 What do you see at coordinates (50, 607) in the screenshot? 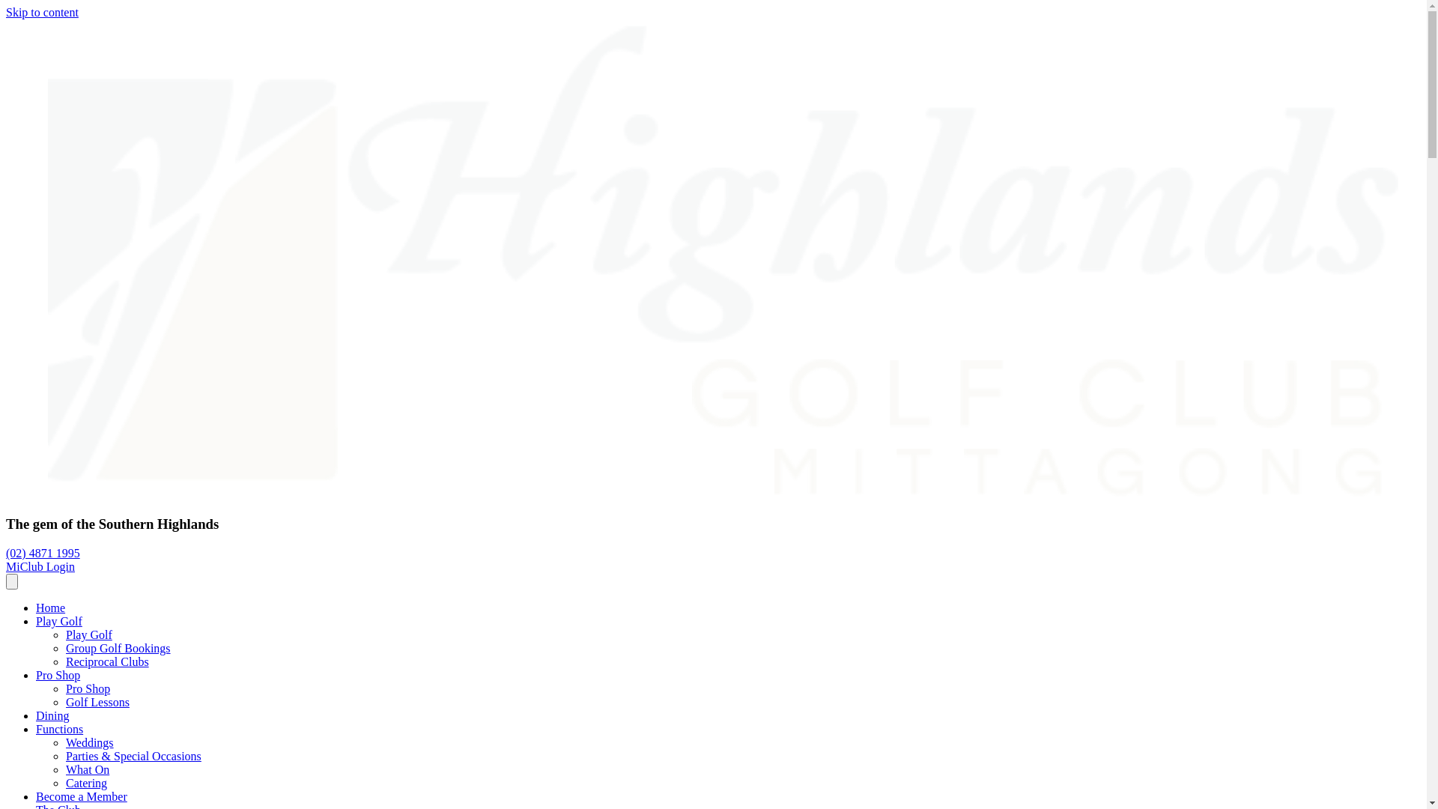
I see `'Home'` at bounding box center [50, 607].